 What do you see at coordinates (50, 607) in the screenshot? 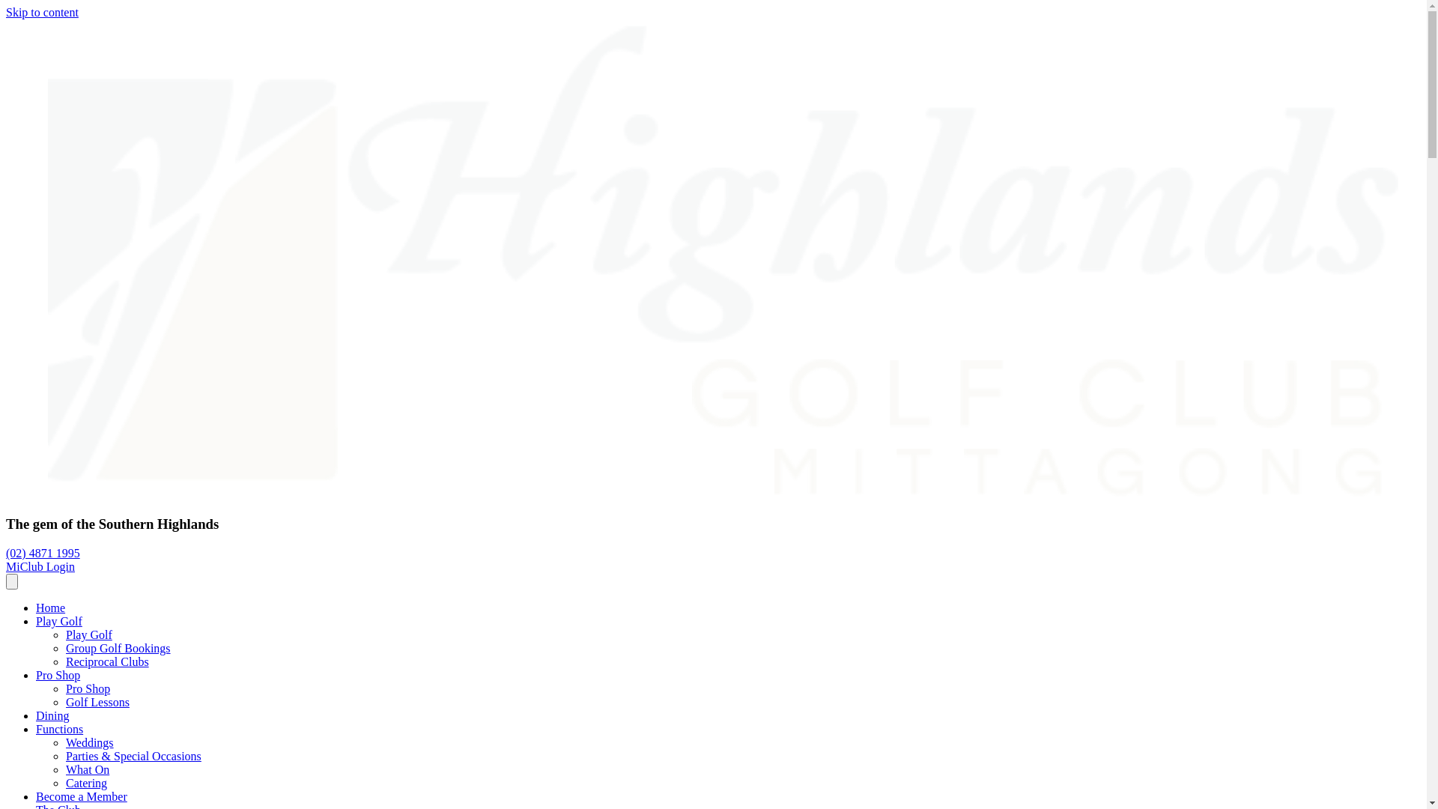
I see `'Home'` at bounding box center [50, 607].